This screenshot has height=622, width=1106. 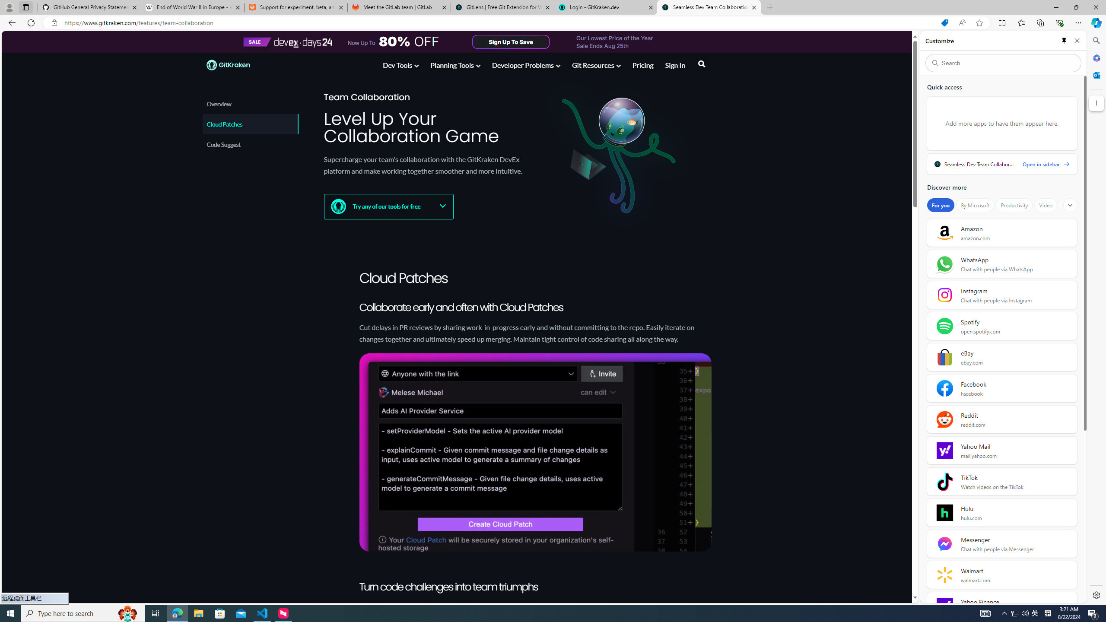 What do you see at coordinates (89, 7) in the screenshot?
I see `'GitHub General Privacy Statement - GitHub Docs'` at bounding box center [89, 7].